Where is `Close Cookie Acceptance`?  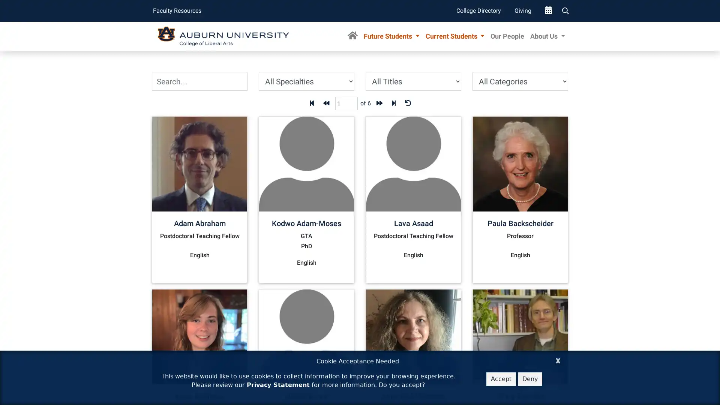
Close Cookie Acceptance is located at coordinates (558, 359).